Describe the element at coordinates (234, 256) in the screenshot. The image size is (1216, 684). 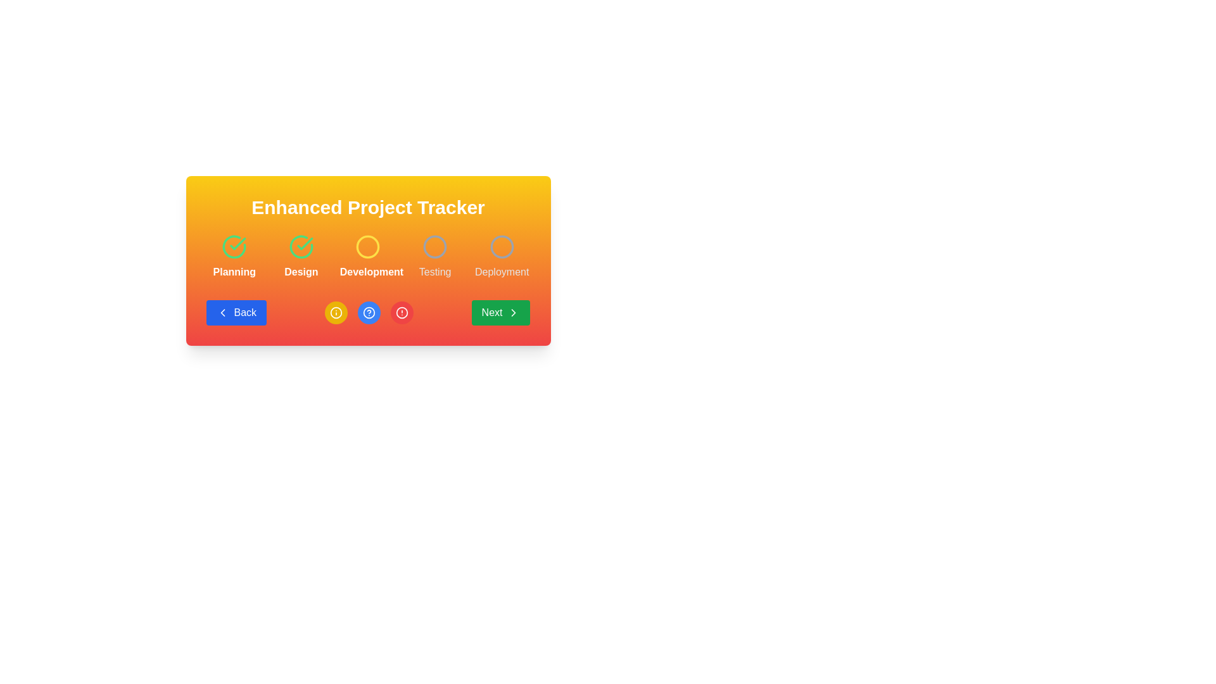
I see `the Step item labeled 'Planning' which consists of a green checkmark icon and a bold white label, positioned as the first in a sequence of five steps` at that location.